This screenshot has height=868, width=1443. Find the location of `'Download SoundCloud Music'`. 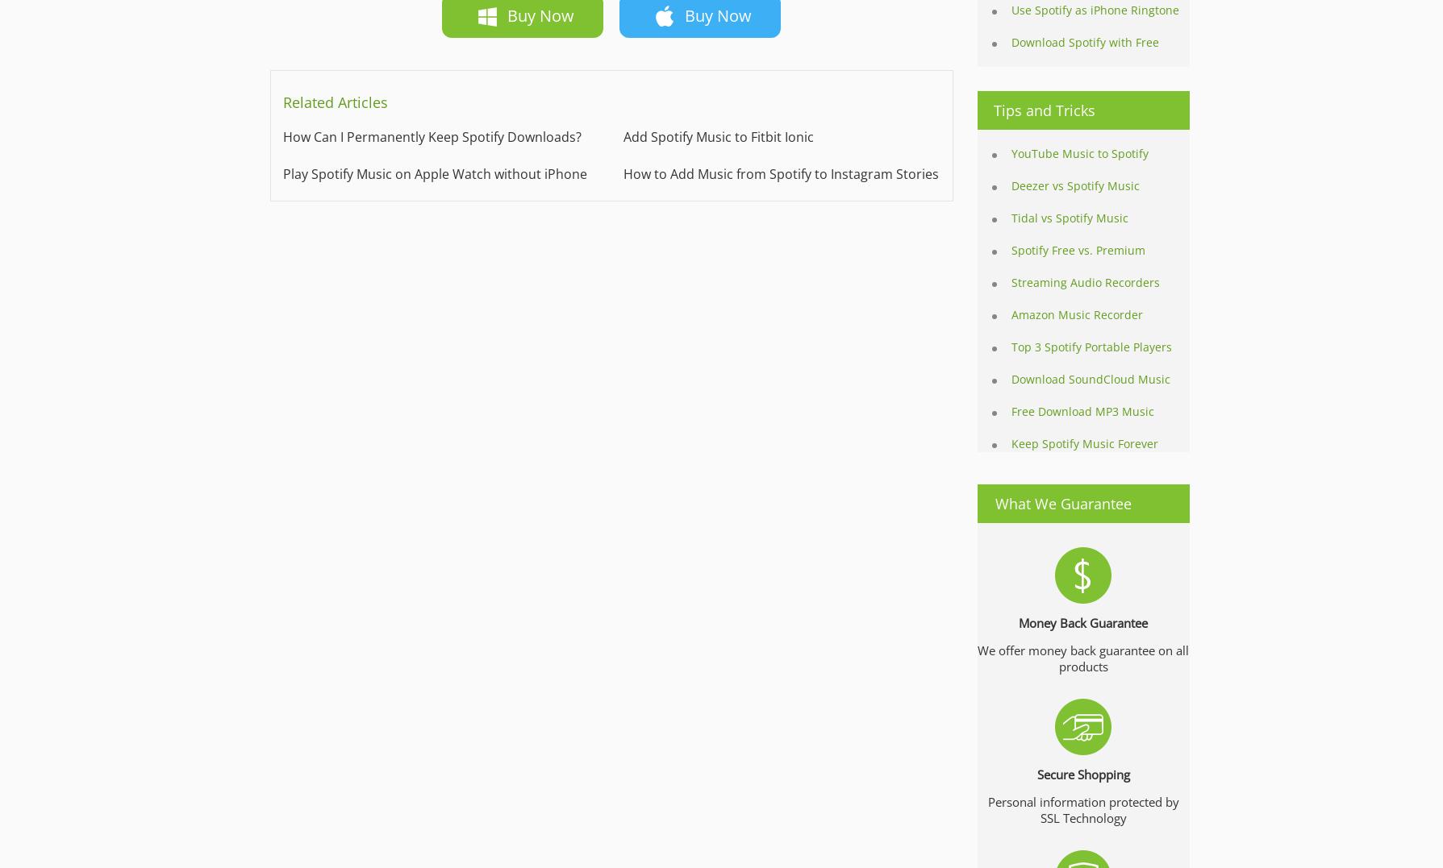

'Download SoundCloud Music' is located at coordinates (1091, 379).